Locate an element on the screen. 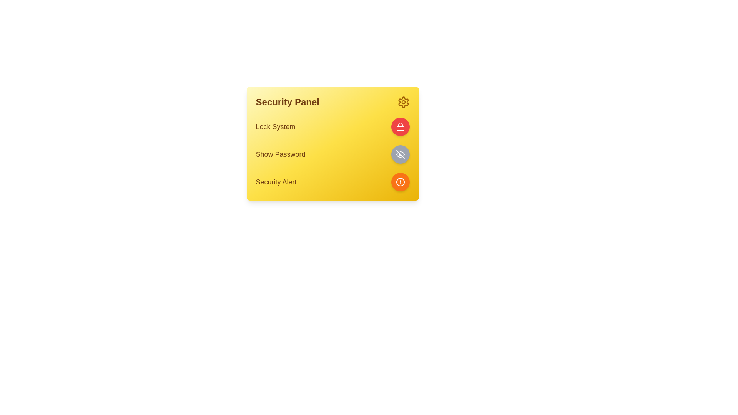  the lock button located to the right of the 'Lock System' text is located at coordinates (400, 126).